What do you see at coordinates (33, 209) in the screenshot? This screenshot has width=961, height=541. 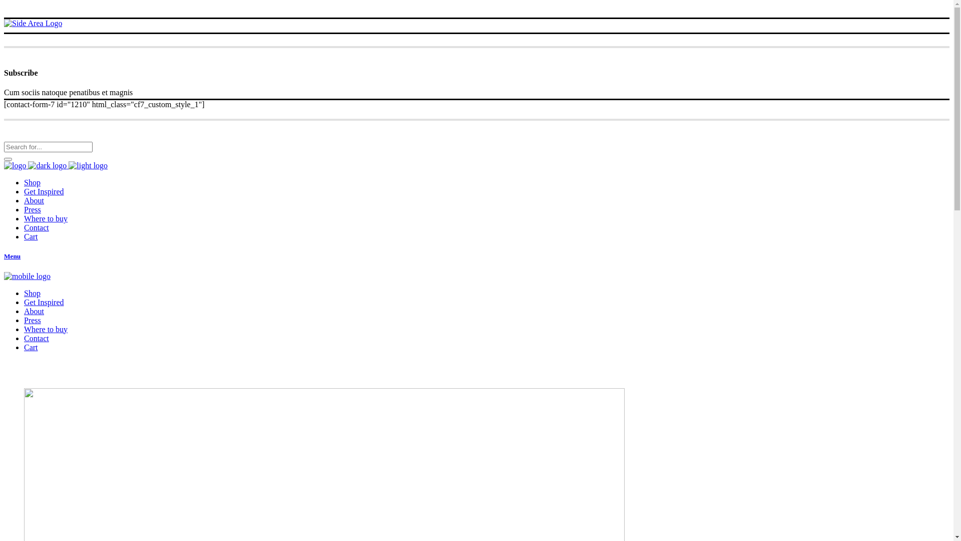 I see `'Press'` at bounding box center [33, 209].